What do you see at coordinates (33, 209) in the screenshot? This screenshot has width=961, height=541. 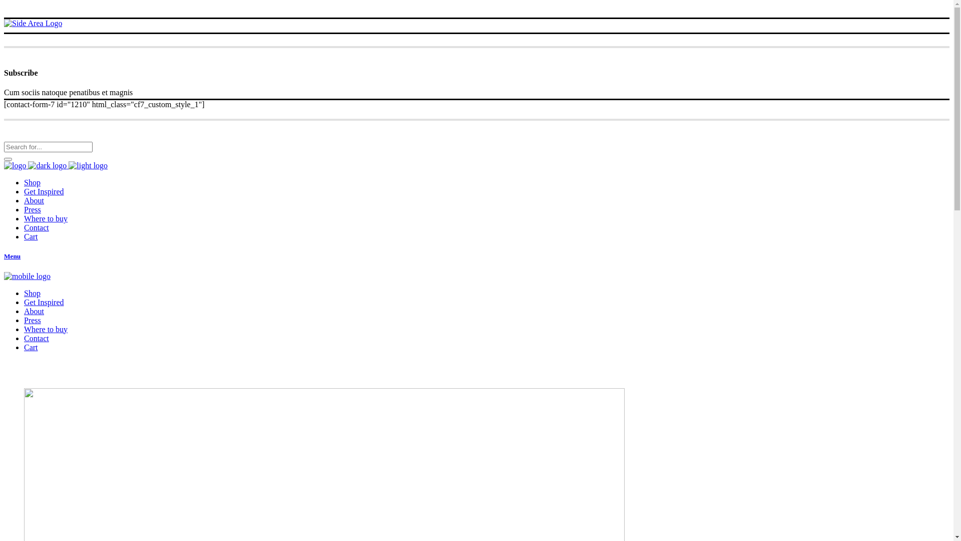 I see `'Press'` at bounding box center [33, 209].